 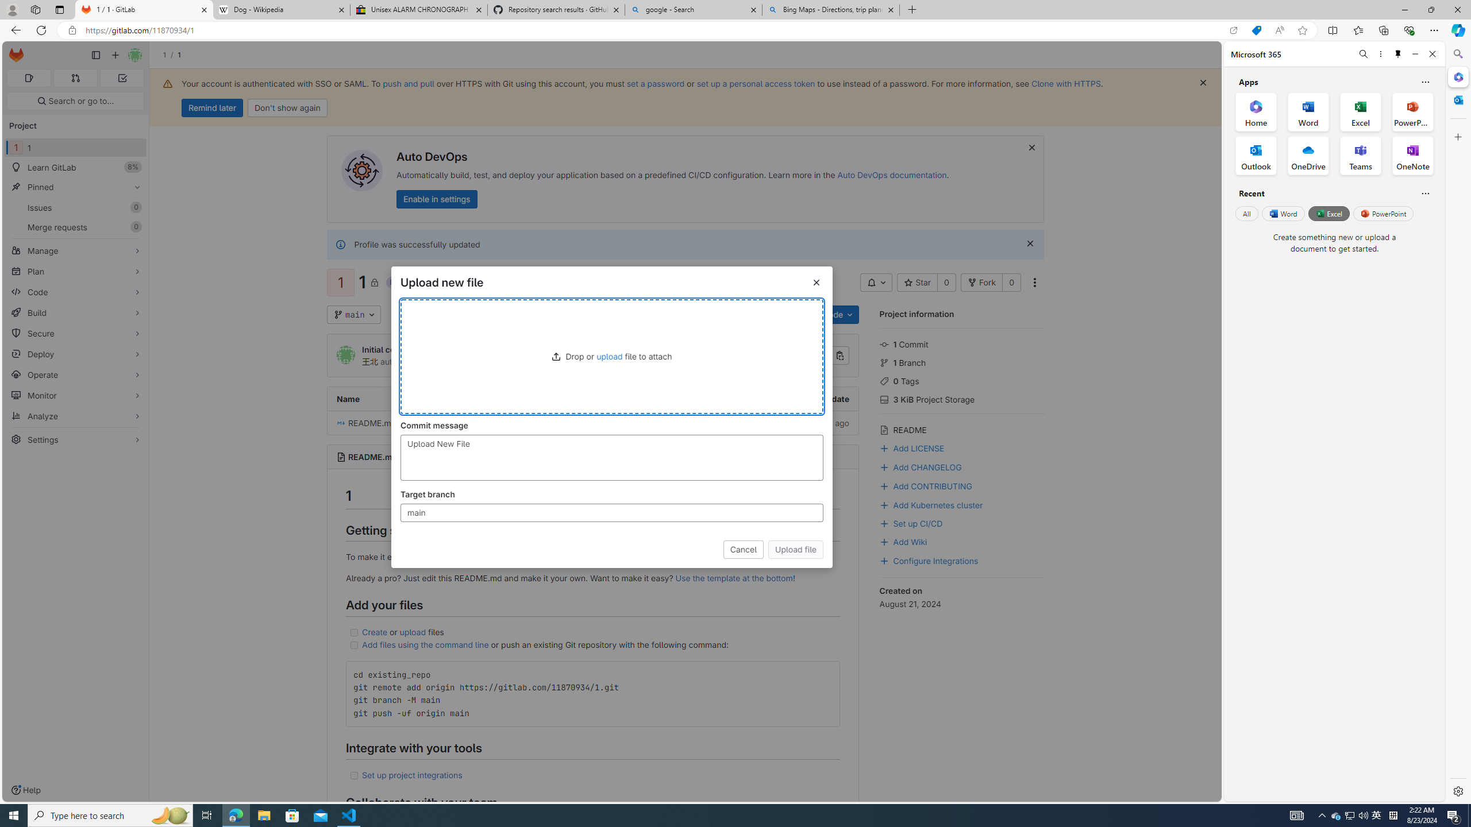 What do you see at coordinates (962, 522) in the screenshot?
I see `'Set up CI/CD'` at bounding box center [962, 522].